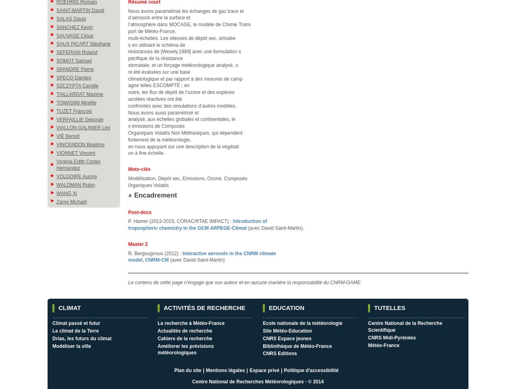 The image size is (516, 389). Describe the element at coordinates (75, 331) in the screenshot. I see `'Le climat de la Terre'` at that location.